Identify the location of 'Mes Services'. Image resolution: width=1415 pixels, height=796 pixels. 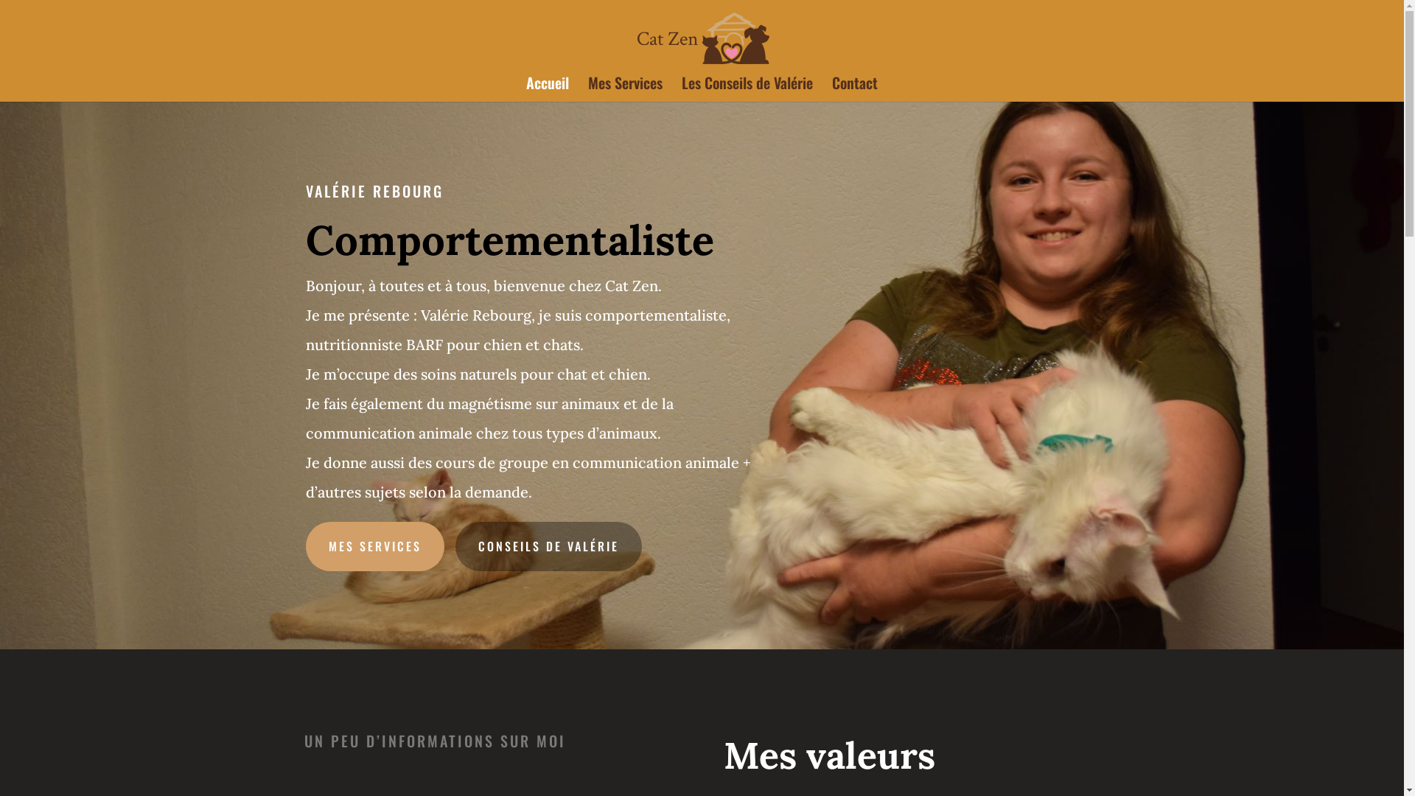
(625, 89).